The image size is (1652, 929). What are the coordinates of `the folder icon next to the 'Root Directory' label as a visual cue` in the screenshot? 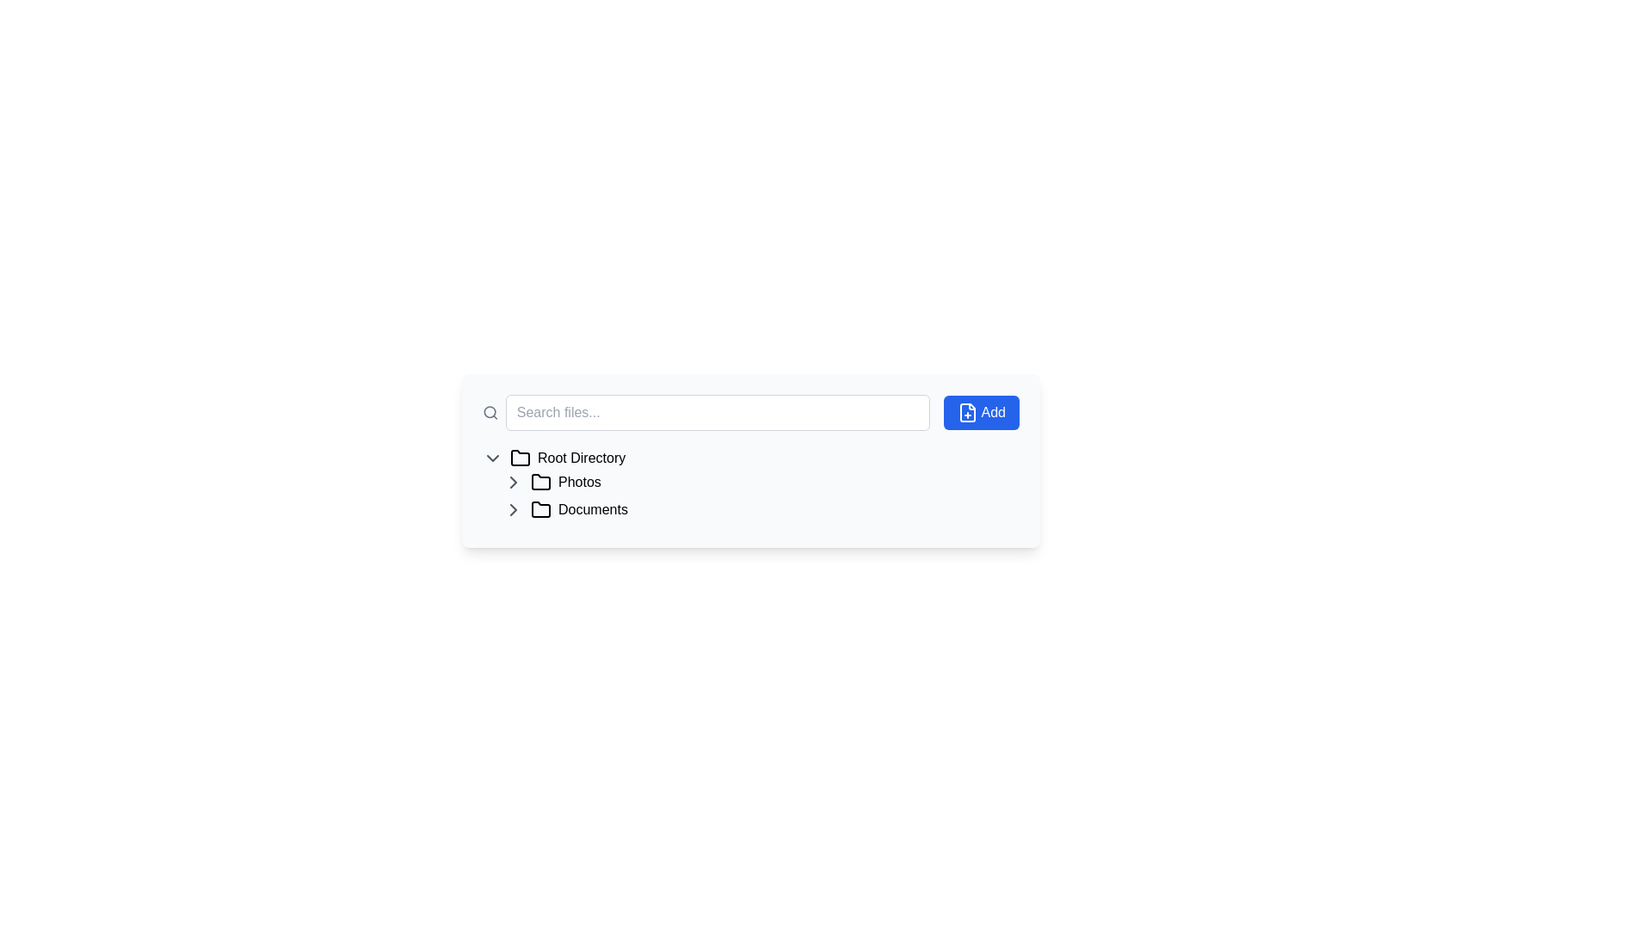 It's located at (519, 457).